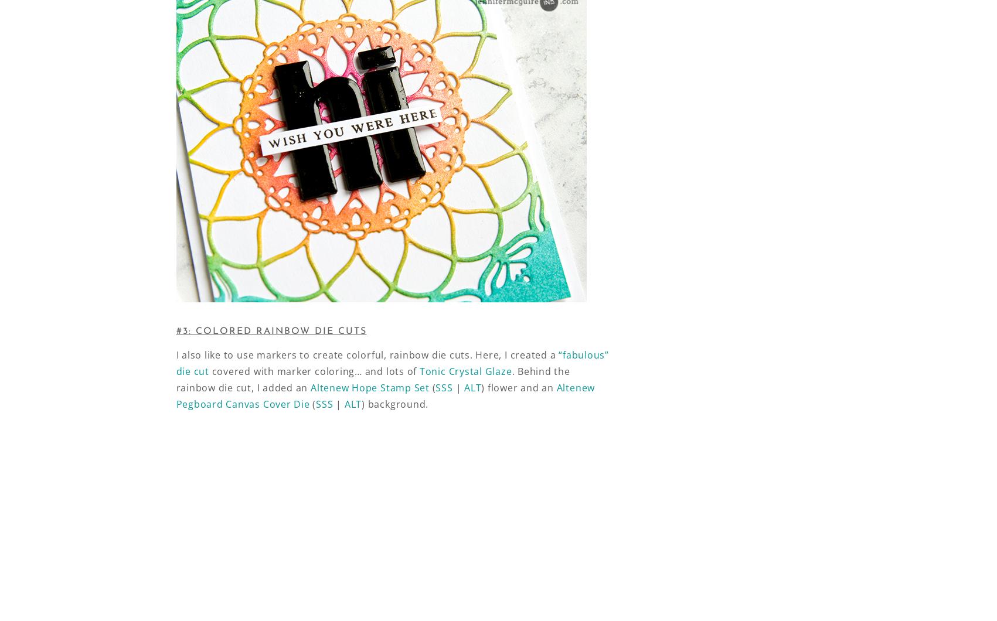  I want to click on '“fabulous” die cut', so click(392, 363).